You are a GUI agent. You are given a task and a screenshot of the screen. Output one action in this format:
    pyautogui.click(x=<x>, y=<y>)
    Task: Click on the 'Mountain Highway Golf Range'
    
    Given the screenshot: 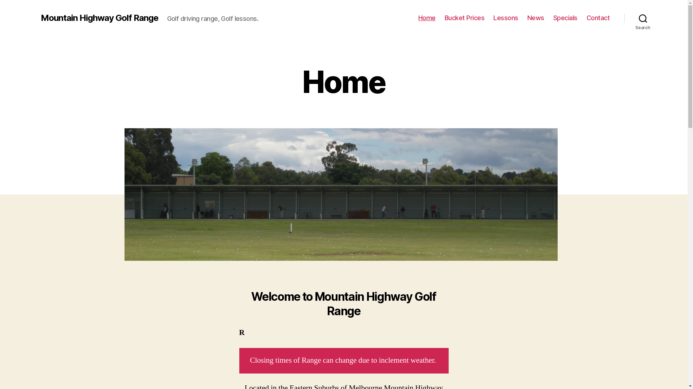 What is the action you would take?
    pyautogui.click(x=99, y=18)
    